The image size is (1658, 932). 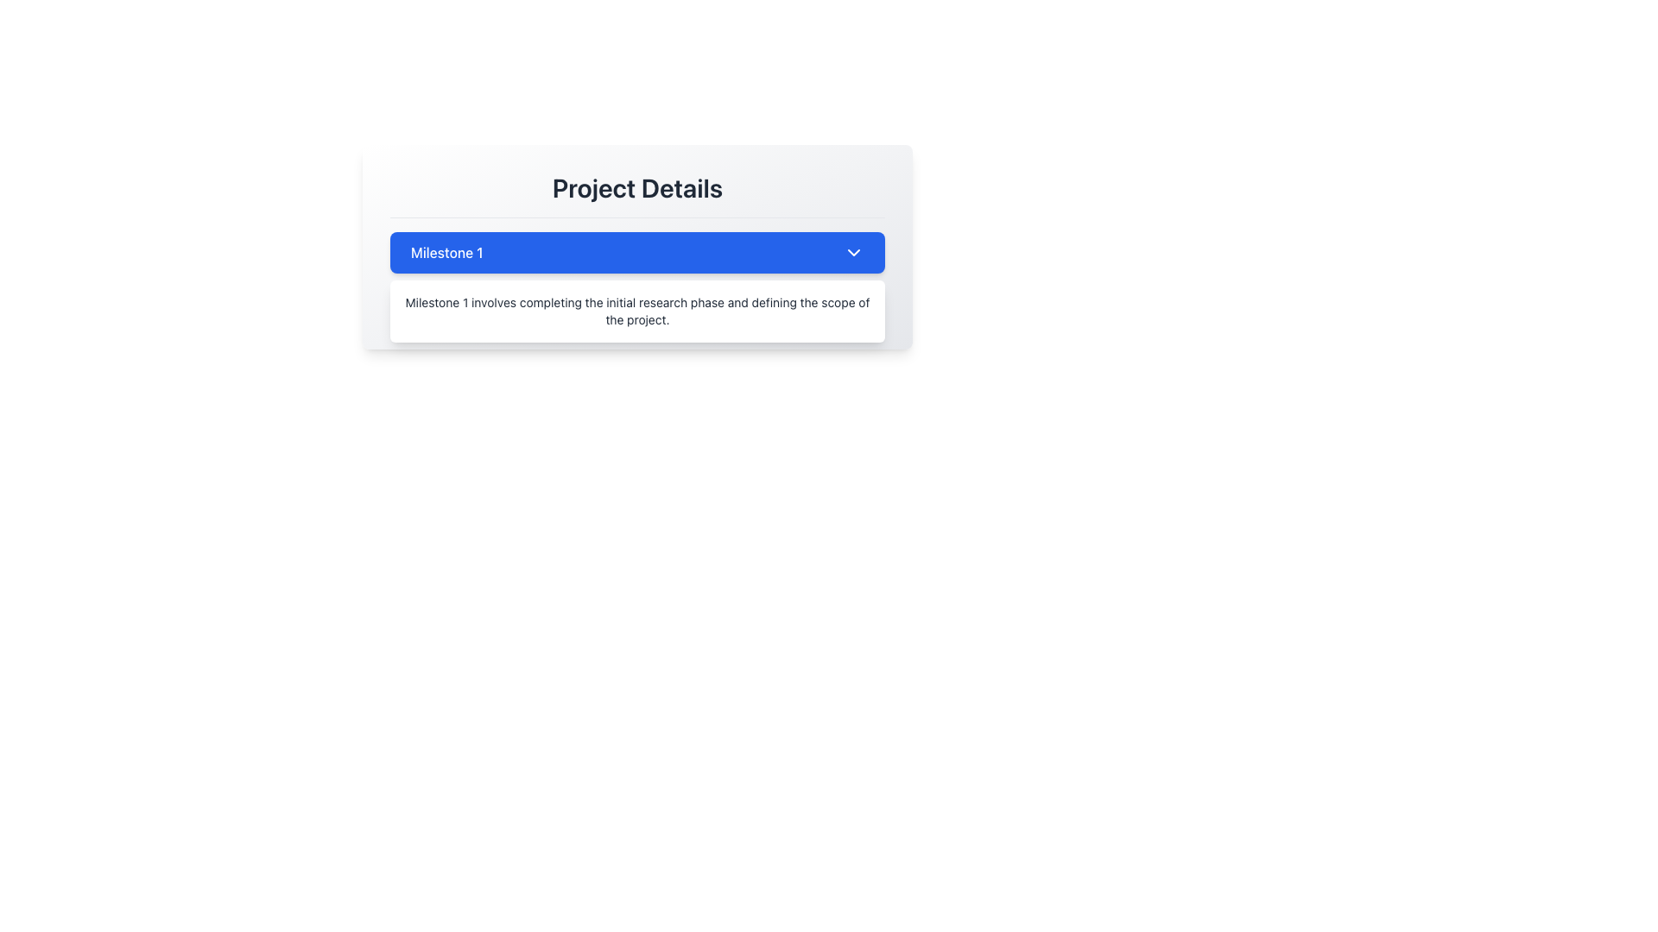 What do you see at coordinates (853, 253) in the screenshot?
I see `the dropdown indicator (chevron icon) located at the far right of the 'Milestone 1' blue bar` at bounding box center [853, 253].